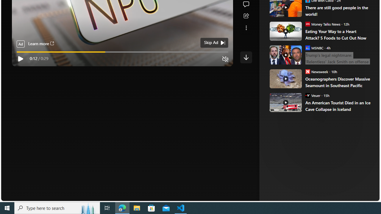 The width and height of the screenshot is (381, 214). I want to click on 'Newsweek', so click(307, 71).